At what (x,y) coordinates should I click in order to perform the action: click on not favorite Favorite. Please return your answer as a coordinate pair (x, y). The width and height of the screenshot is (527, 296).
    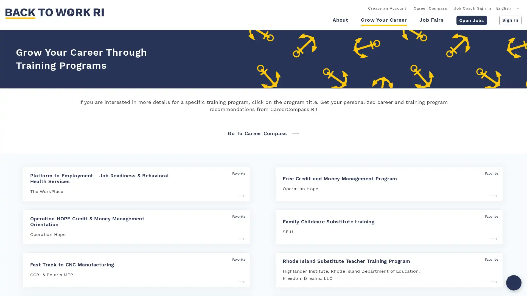
    Looking at the image, I should click on (236, 173).